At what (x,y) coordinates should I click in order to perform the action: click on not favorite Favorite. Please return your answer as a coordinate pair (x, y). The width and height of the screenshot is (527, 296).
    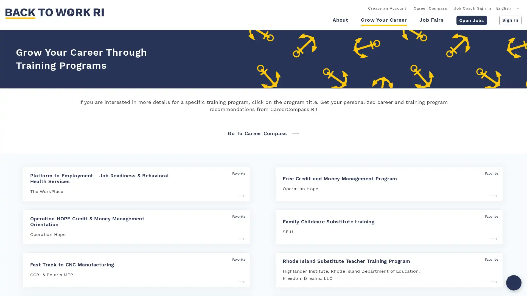
    Looking at the image, I should click on (236, 173).